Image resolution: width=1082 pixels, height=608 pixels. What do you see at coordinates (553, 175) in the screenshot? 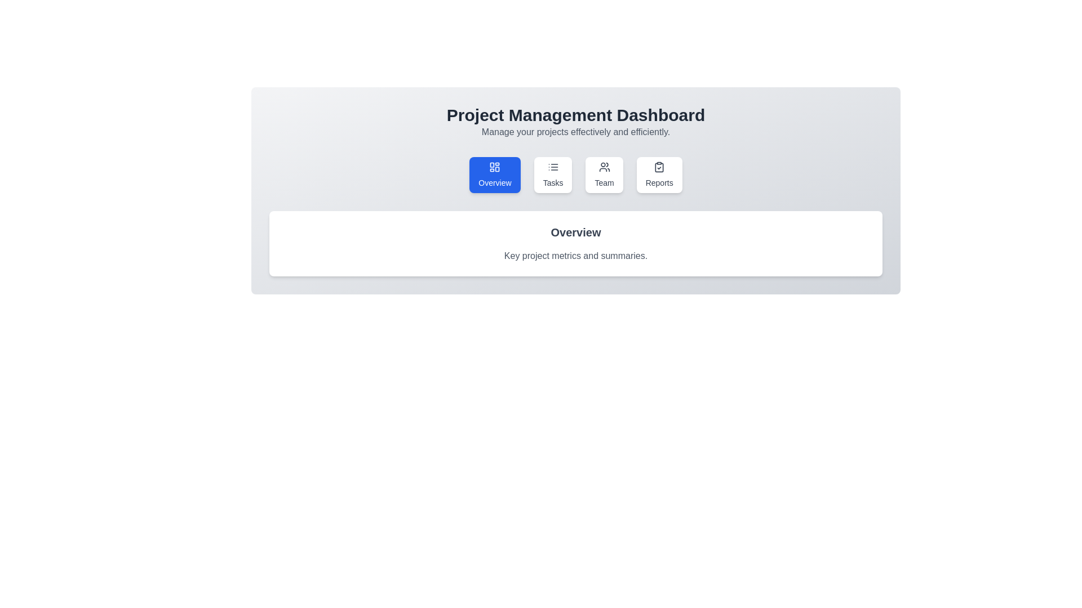
I see `the tab labeled Tasks to view its content` at bounding box center [553, 175].